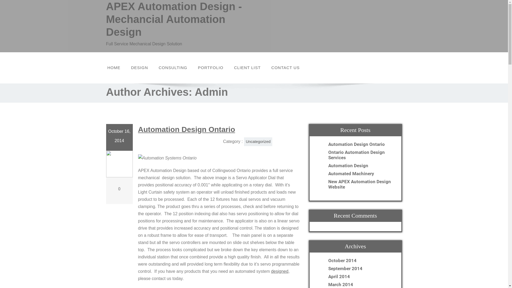 The height and width of the screenshot is (288, 512). What do you see at coordinates (125, 67) in the screenshot?
I see `'DESIGN'` at bounding box center [125, 67].